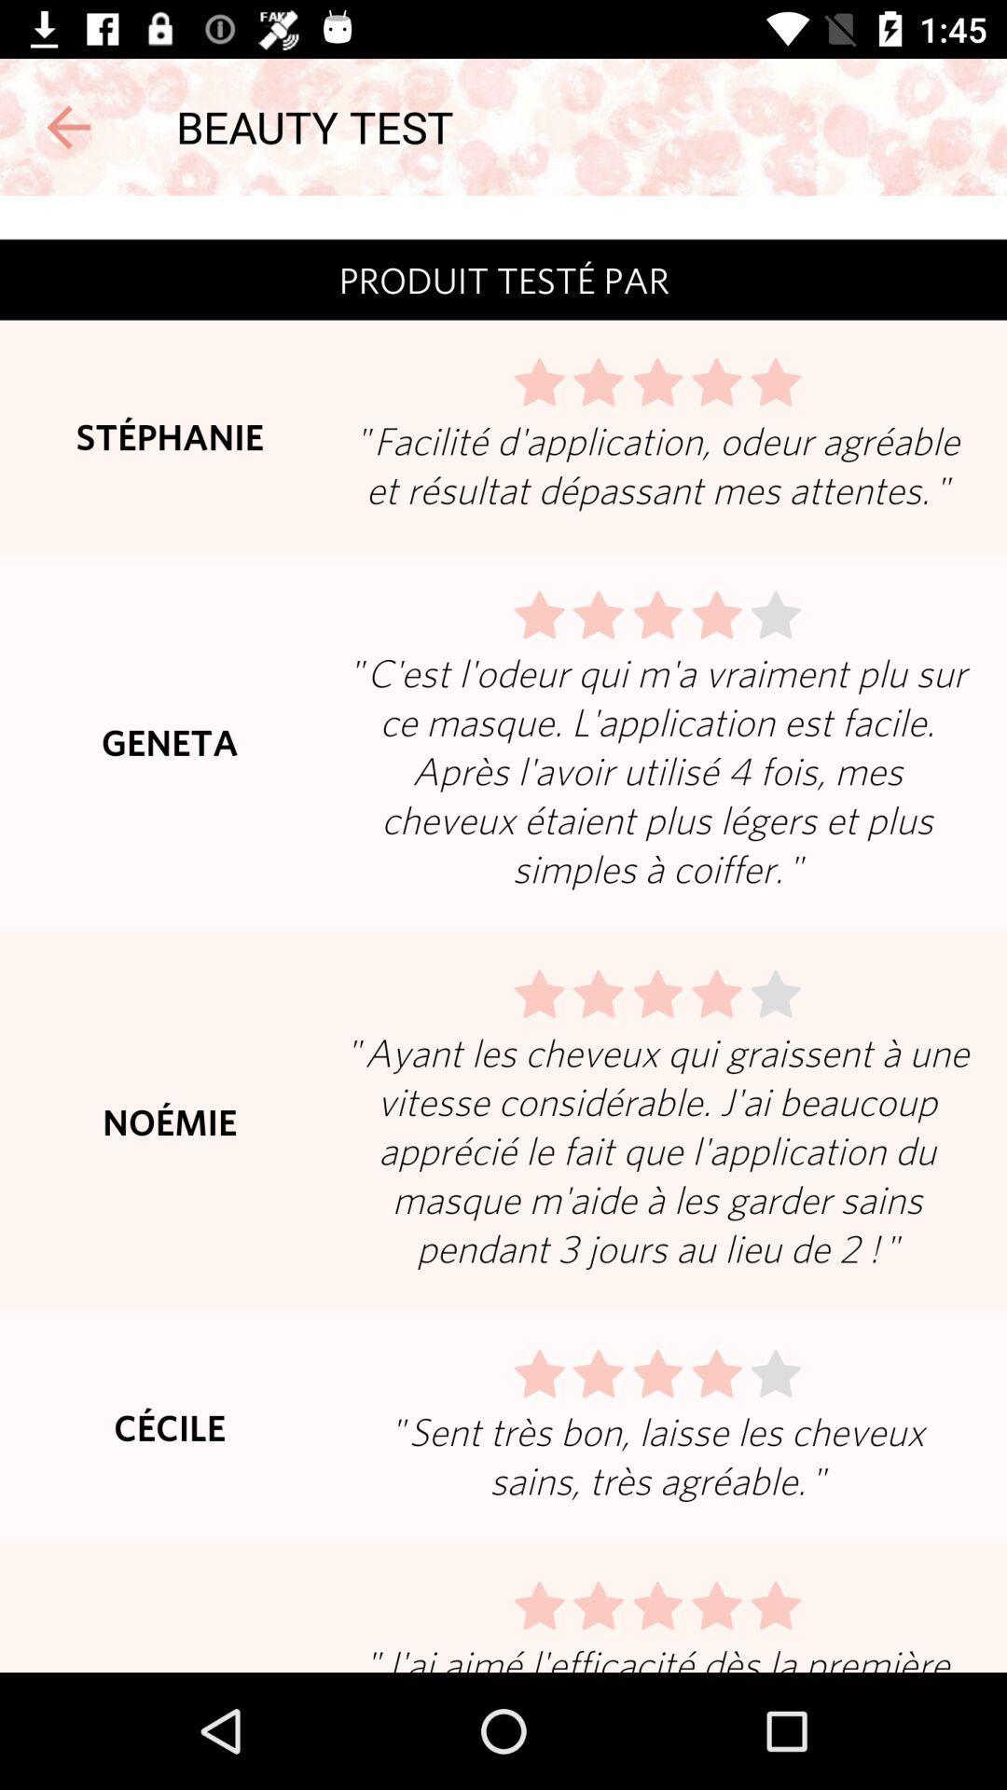 The image size is (1007, 1790). I want to click on goes back, so click(67, 126).